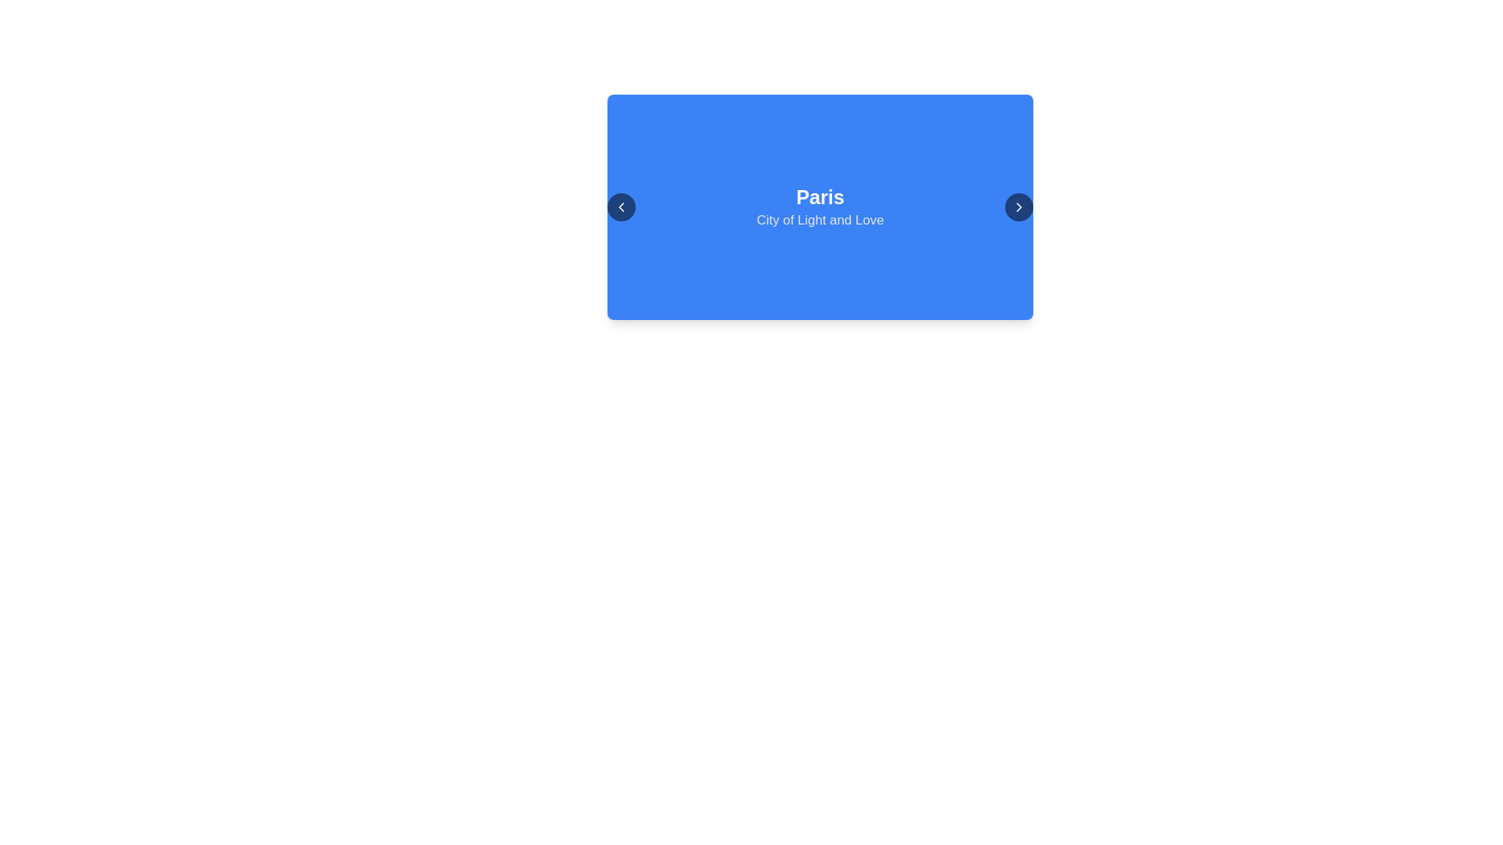 Image resolution: width=1503 pixels, height=845 pixels. What do you see at coordinates (1018, 207) in the screenshot?
I see `the right-pointing chevron icon located on the right edge of the navigation button within the blue card area` at bounding box center [1018, 207].